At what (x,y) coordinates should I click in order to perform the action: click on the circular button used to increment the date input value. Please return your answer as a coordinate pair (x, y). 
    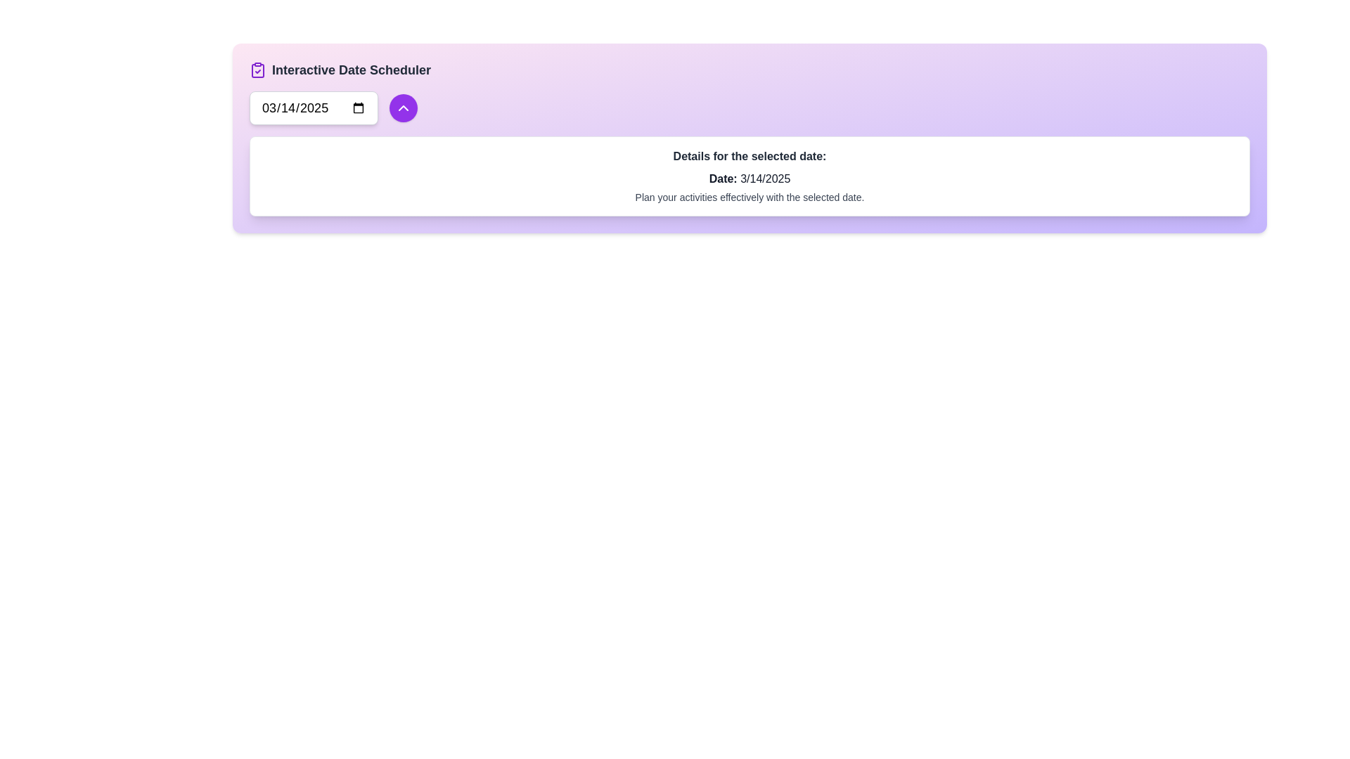
    Looking at the image, I should click on (403, 108).